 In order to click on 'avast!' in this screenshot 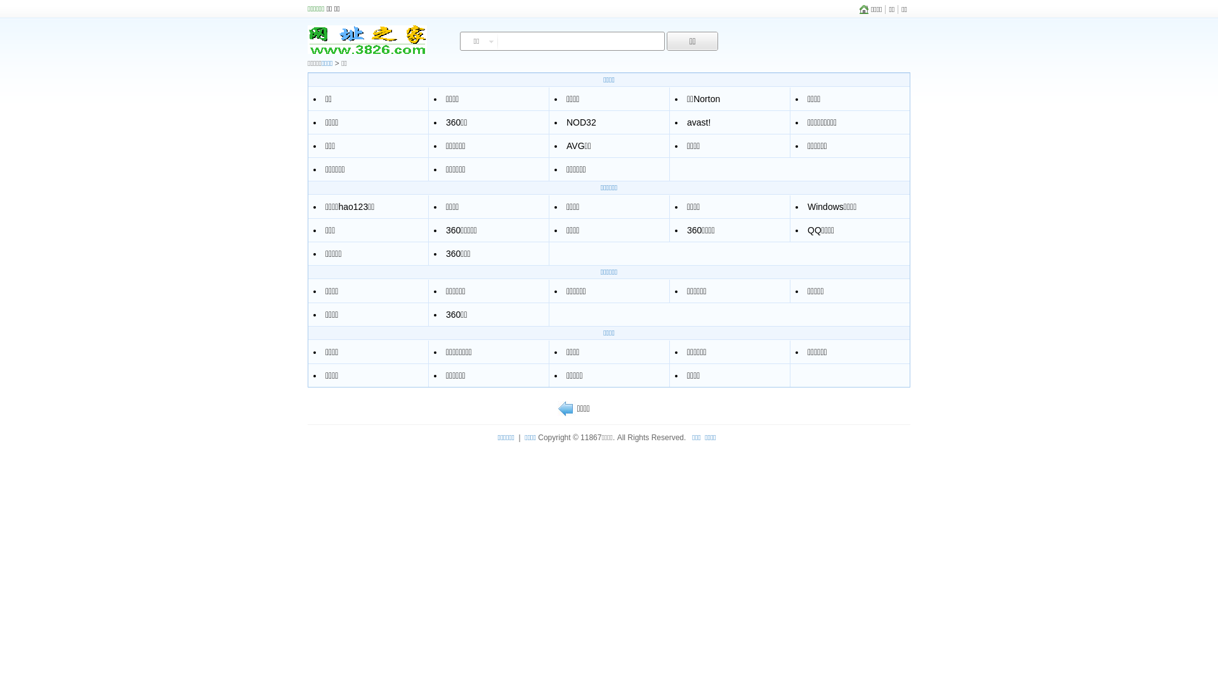, I will do `click(698, 122)`.